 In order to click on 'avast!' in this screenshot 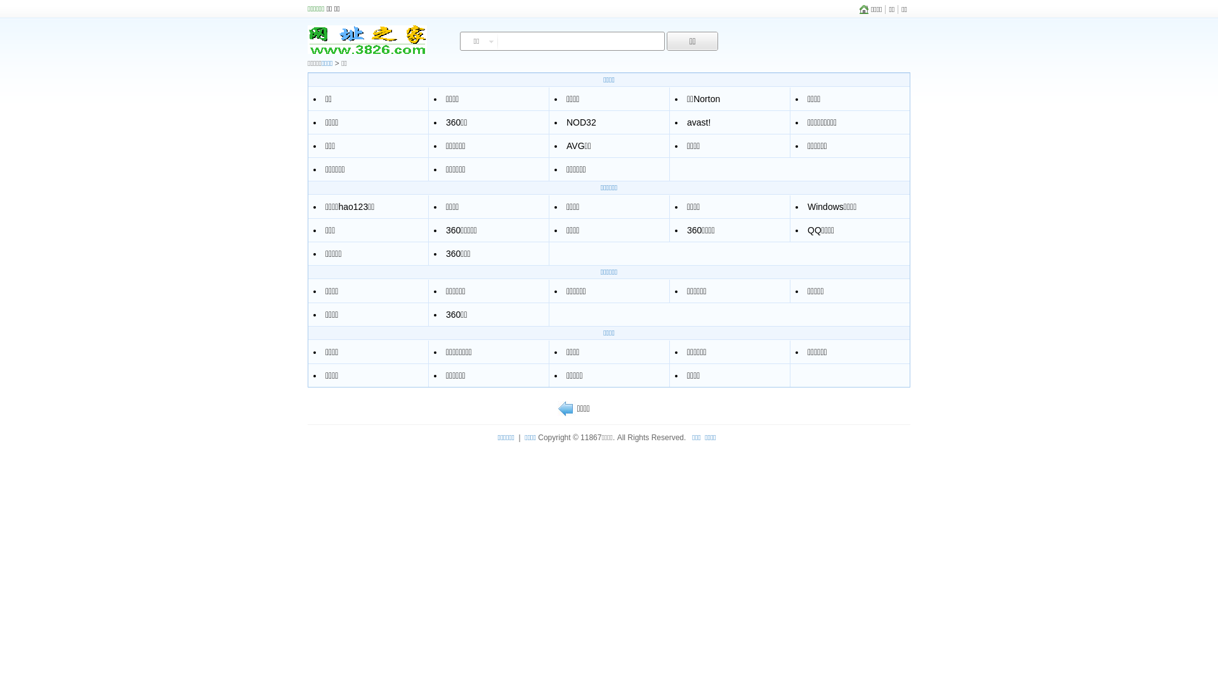, I will do `click(698, 122)`.